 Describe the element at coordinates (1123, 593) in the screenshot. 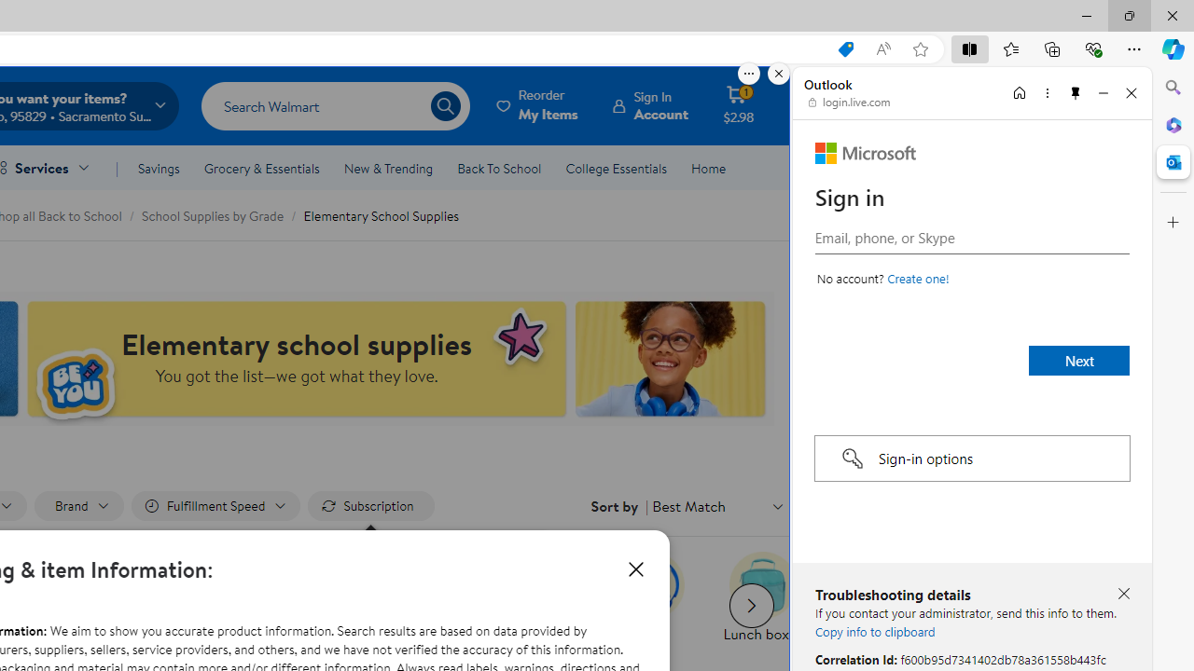

I see `'Close troubleshooting details'` at that location.